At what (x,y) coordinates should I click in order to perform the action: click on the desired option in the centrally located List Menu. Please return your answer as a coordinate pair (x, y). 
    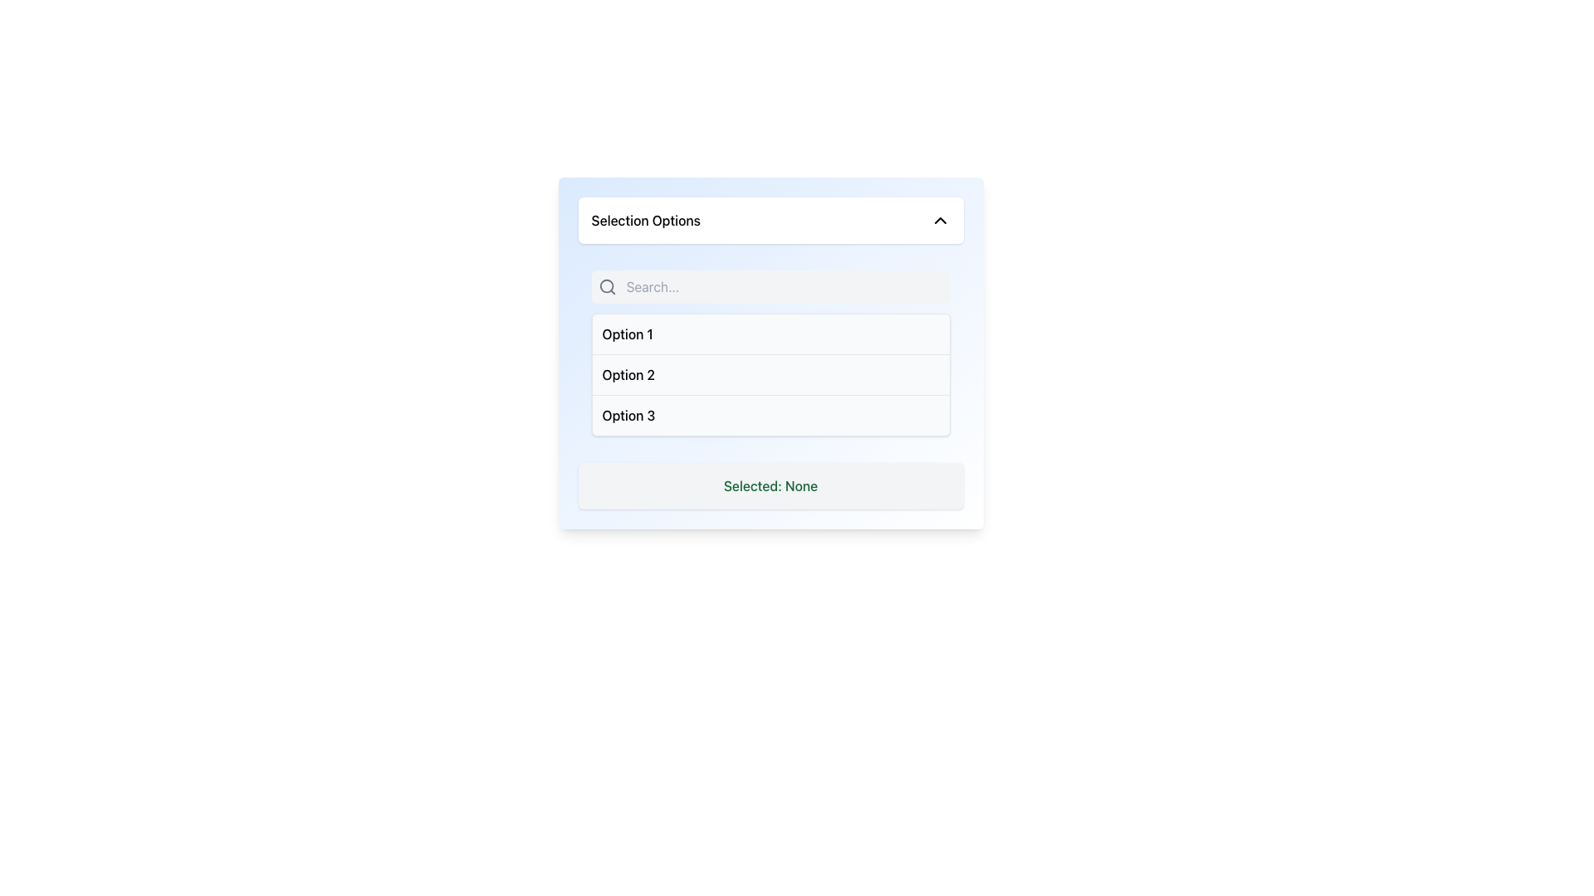
    Looking at the image, I should click on (770, 374).